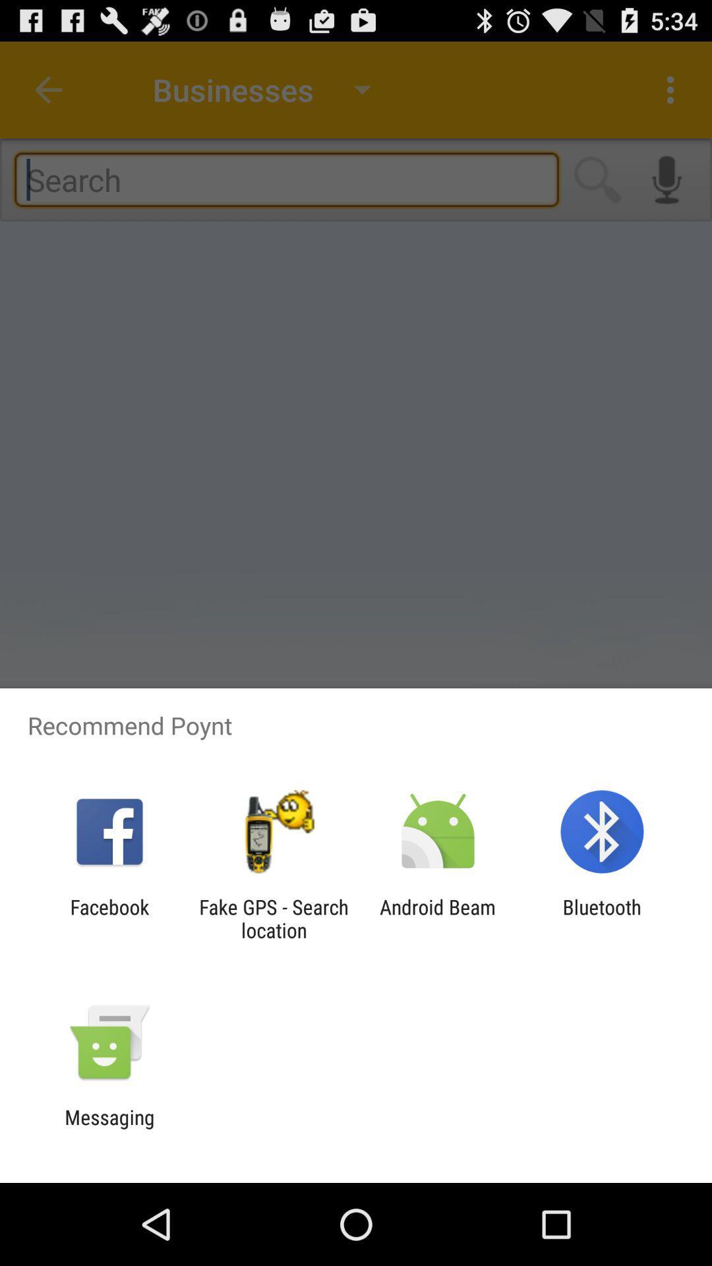 Image resolution: width=712 pixels, height=1266 pixels. Describe the element at coordinates (602, 918) in the screenshot. I see `item next to the android beam item` at that location.